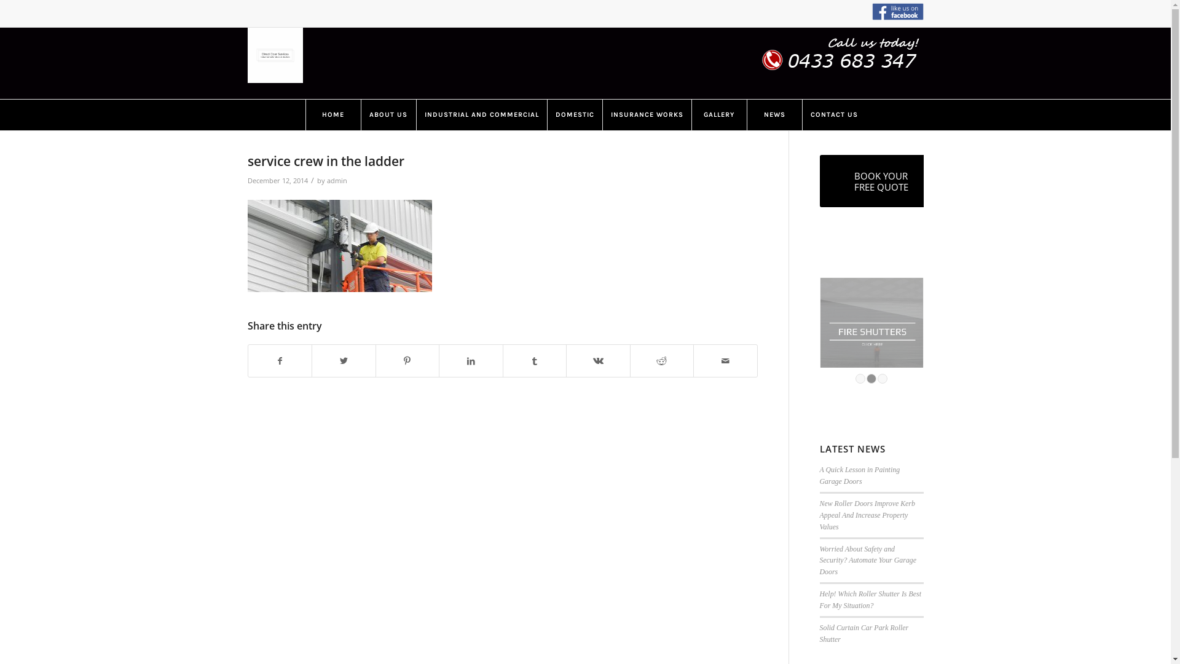  What do you see at coordinates (387, 114) in the screenshot?
I see `'ABOUT US'` at bounding box center [387, 114].